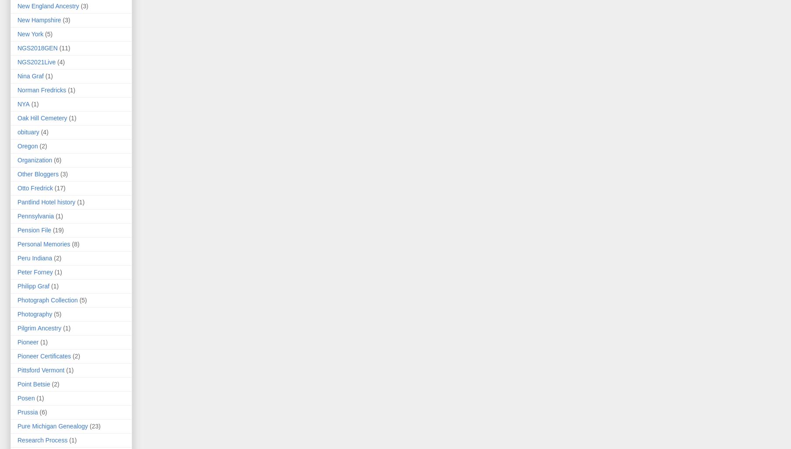  Describe the element at coordinates (37, 48) in the screenshot. I see `'NGS2018GEN'` at that location.